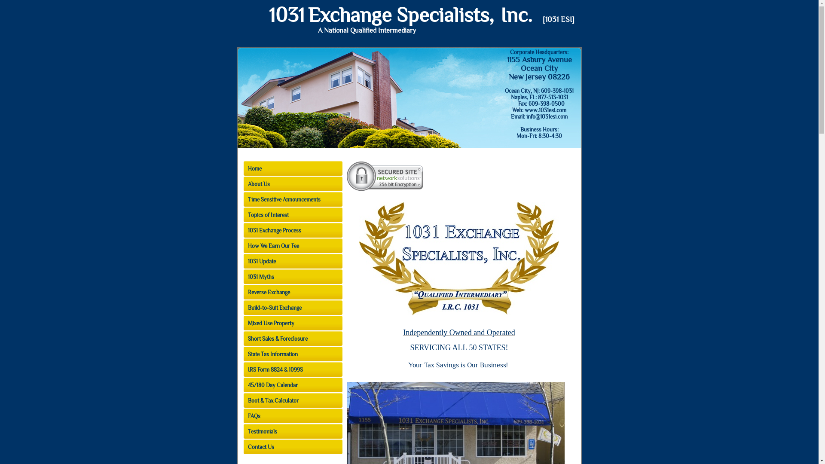 This screenshot has width=825, height=464. What do you see at coordinates (243, 354) in the screenshot?
I see `'State Tax Information'` at bounding box center [243, 354].